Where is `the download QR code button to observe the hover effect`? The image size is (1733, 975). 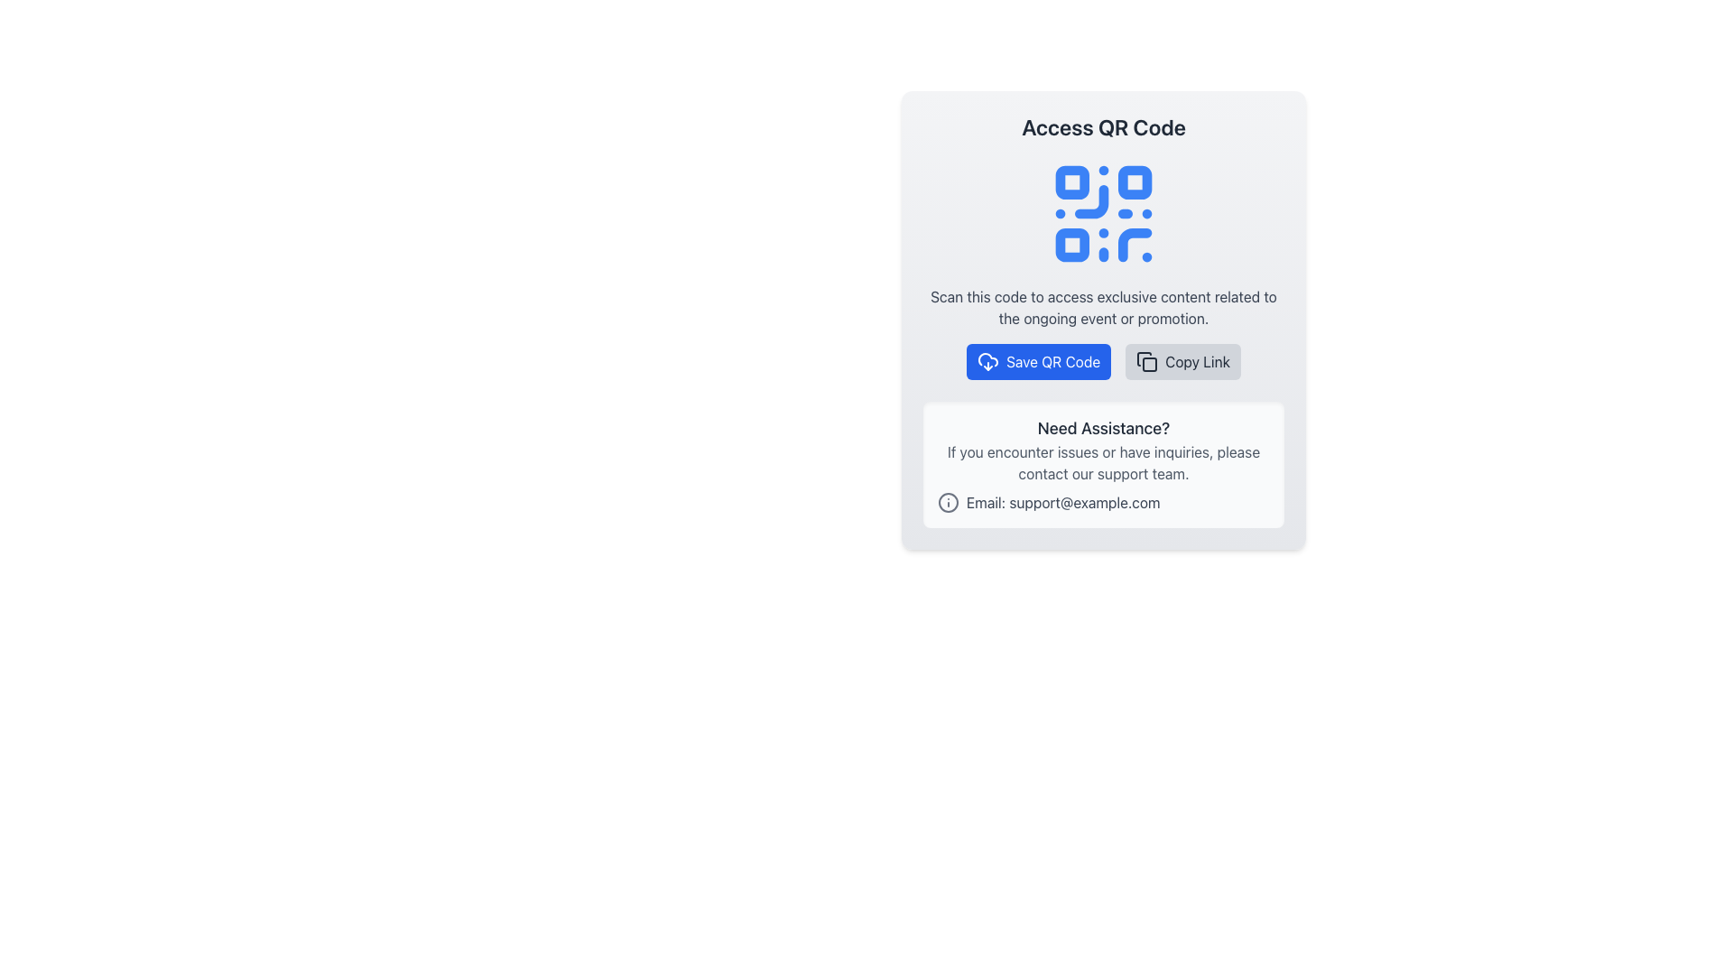
the download QR code button to observe the hover effect is located at coordinates (1039, 362).